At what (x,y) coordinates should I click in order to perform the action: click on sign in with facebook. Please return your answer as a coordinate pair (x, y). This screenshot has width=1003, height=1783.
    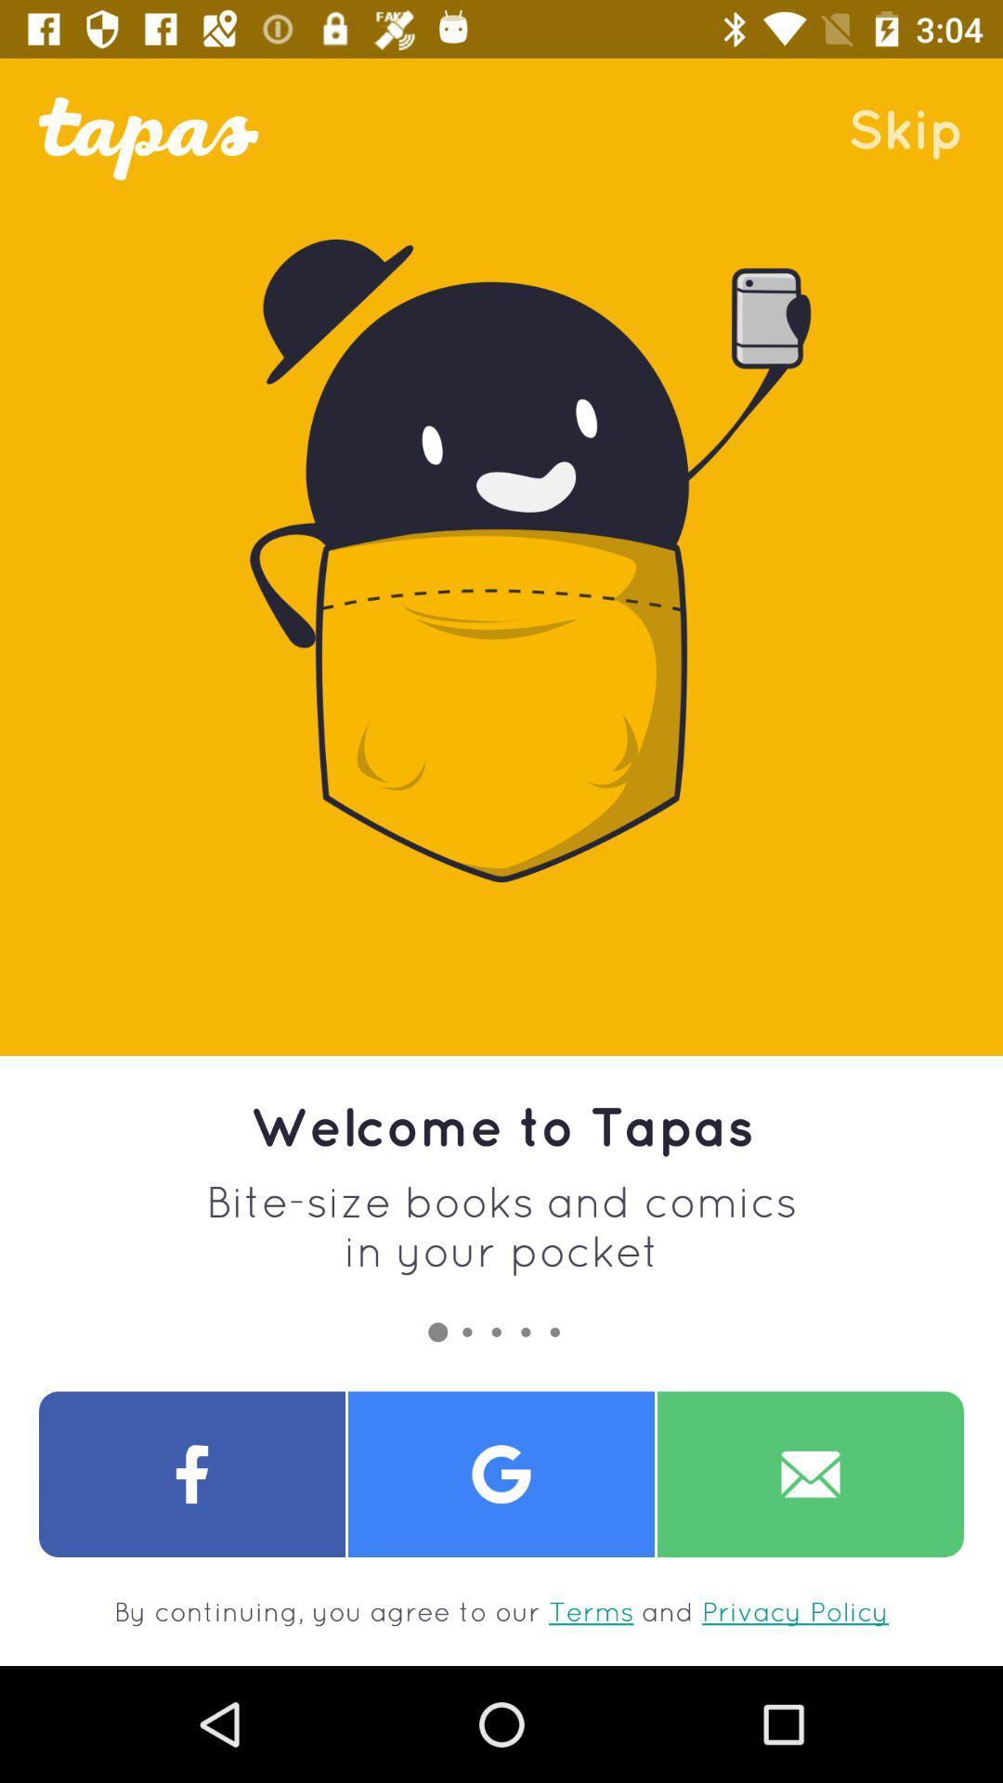
    Looking at the image, I should click on (192, 1473).